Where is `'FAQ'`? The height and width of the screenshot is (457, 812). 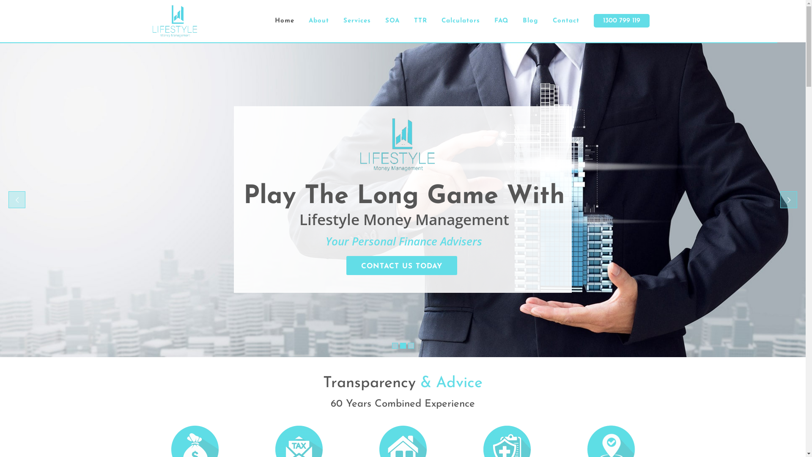
'FAQ' is located at coordinates (501, 21).